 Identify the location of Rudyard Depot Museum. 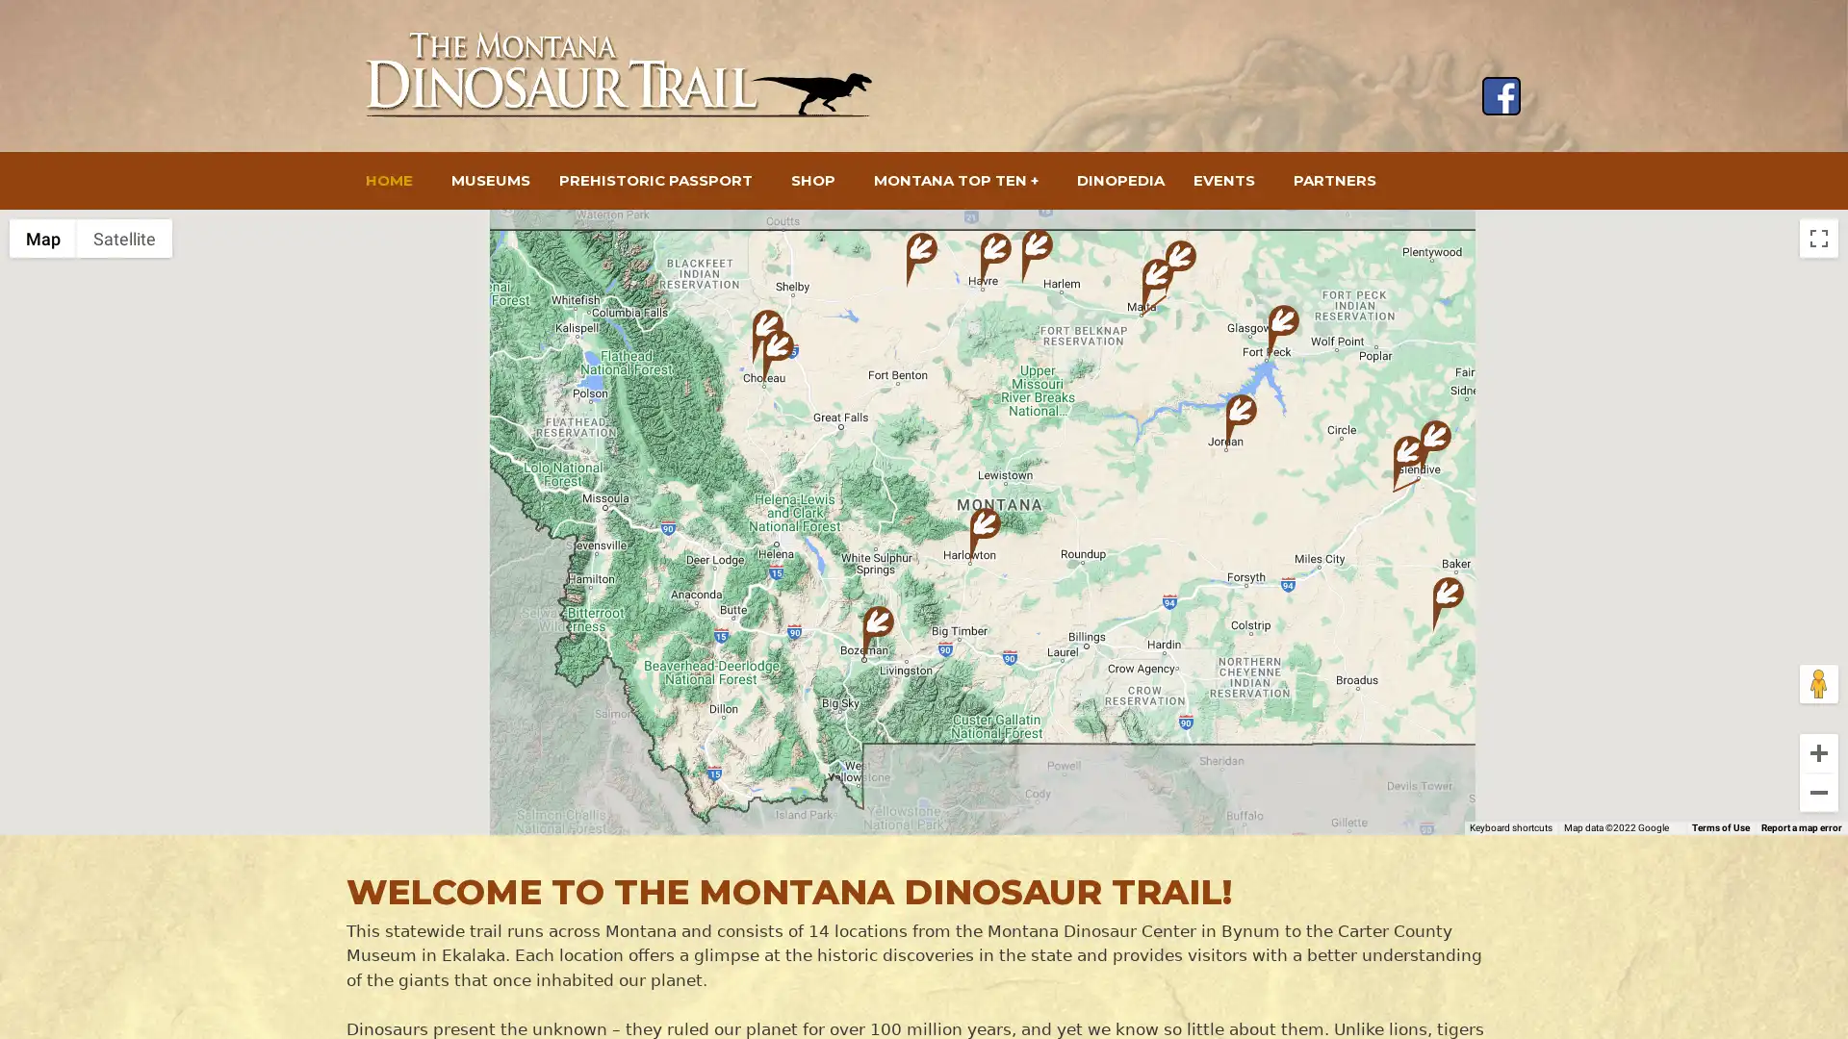
(921, 260).